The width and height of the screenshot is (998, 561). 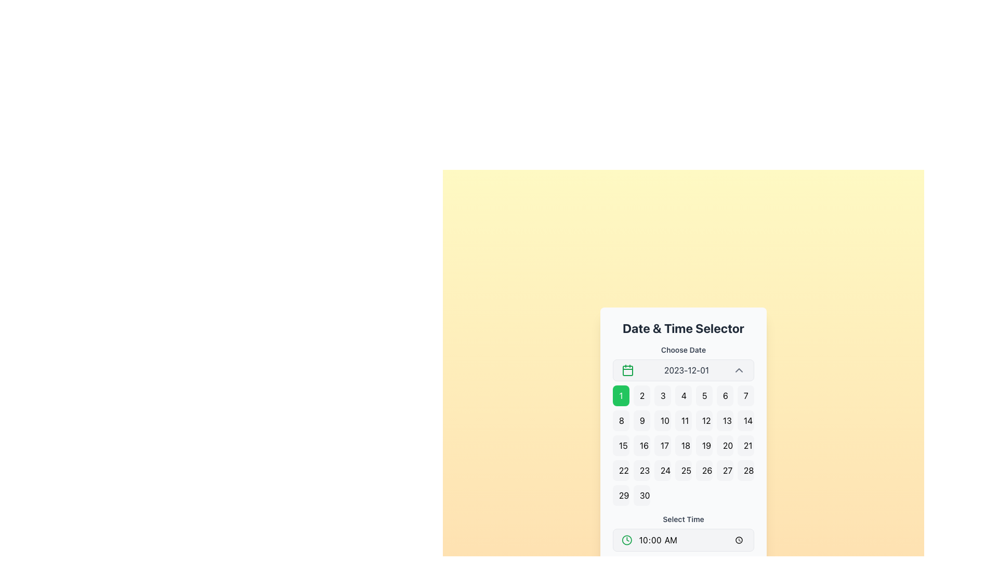 What do you see at coordinates (621, 396) in the screenshot?
I see `the green button displaying the numeral '1' located in the first column of the first row of the grid` at bounding box center [621, 396].